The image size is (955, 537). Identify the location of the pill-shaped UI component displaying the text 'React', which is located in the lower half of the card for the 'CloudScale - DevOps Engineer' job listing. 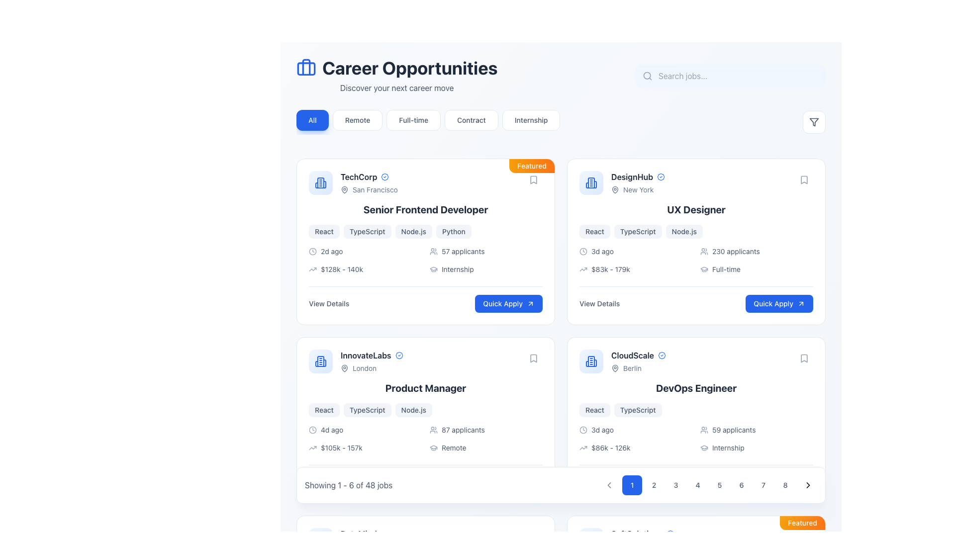
(594, 410).